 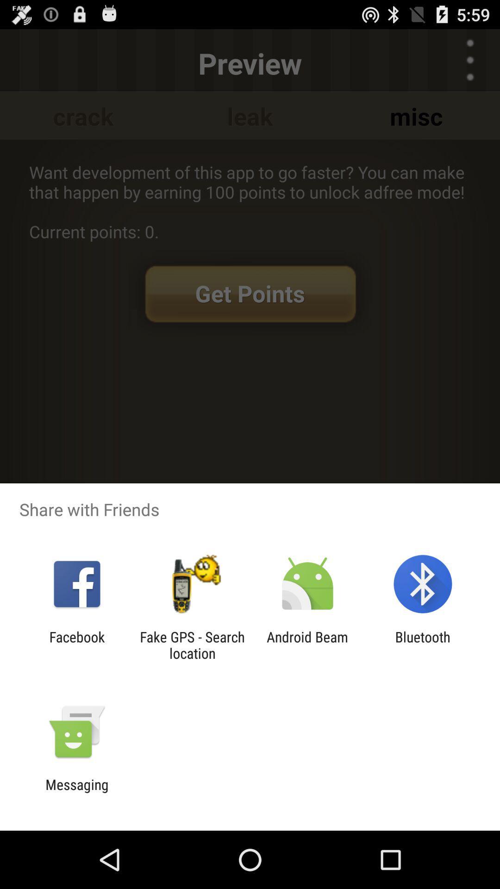 I want to click on the icon to the right of the android beam, so click(x=423, y=645).